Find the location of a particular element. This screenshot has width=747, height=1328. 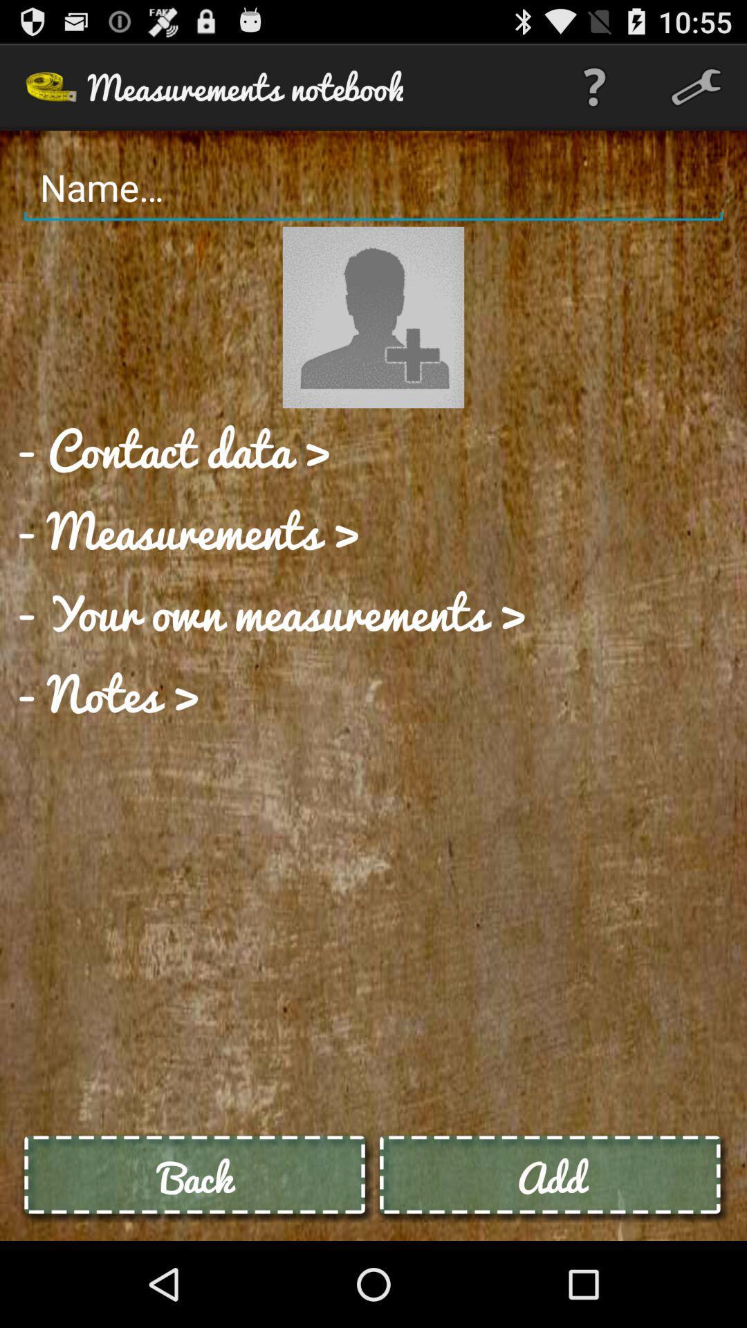

app to the right of measurements notebook item is located at coordinates (593, 86).